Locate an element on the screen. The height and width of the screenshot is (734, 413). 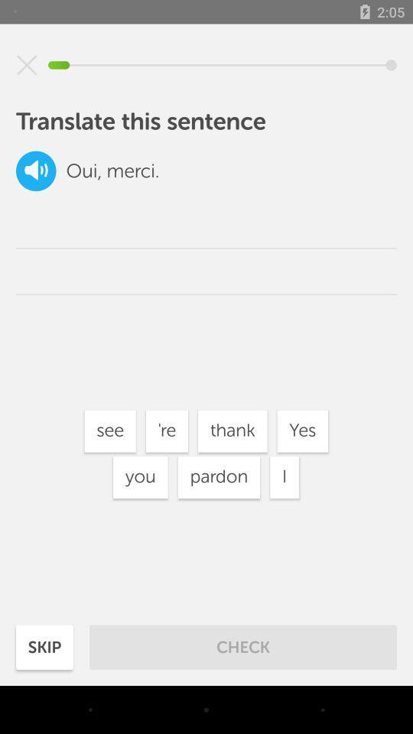
item at the bottom left corner is located at coordinates (44, 646).